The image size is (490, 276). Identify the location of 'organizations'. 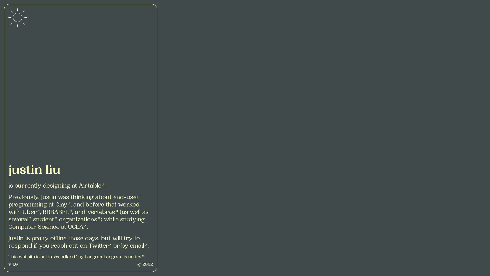
(59, 220).